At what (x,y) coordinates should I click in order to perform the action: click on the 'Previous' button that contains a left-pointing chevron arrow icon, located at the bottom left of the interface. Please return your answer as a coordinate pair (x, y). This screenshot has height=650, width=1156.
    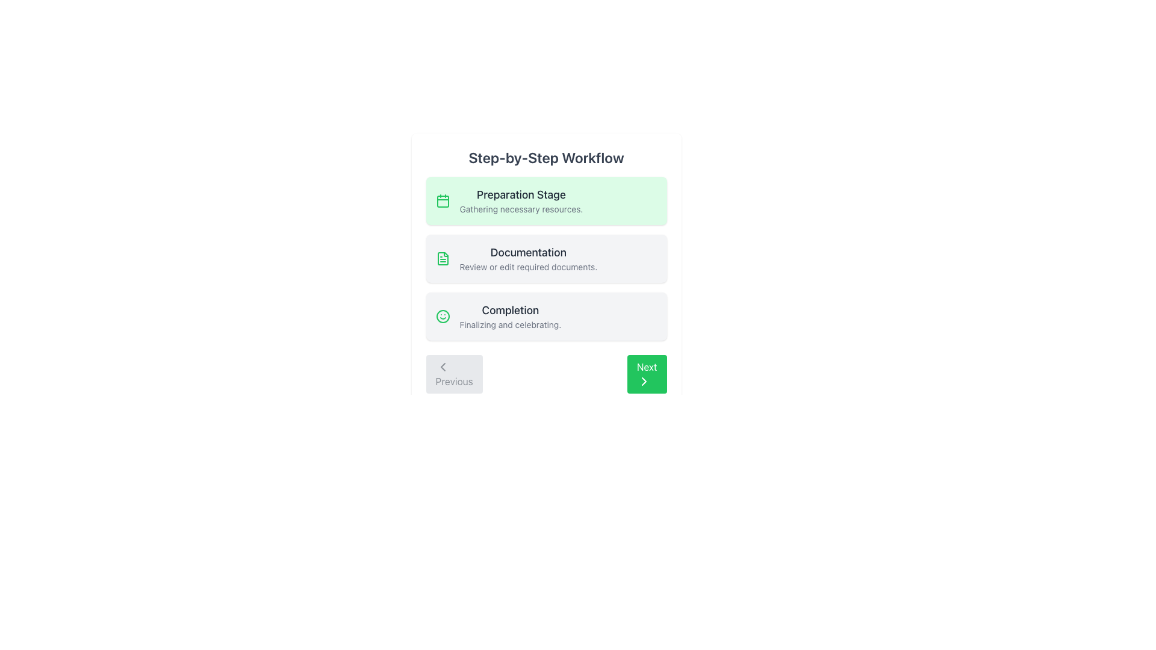
    Looking at the image, I should click on (442, 366).